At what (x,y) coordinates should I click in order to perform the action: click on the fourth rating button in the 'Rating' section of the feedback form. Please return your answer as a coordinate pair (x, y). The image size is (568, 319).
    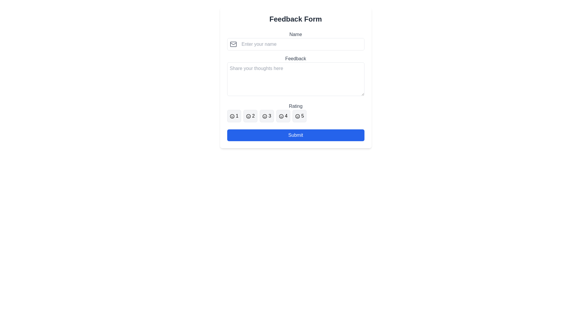
    Looking at the image, I should click on (283, 116).